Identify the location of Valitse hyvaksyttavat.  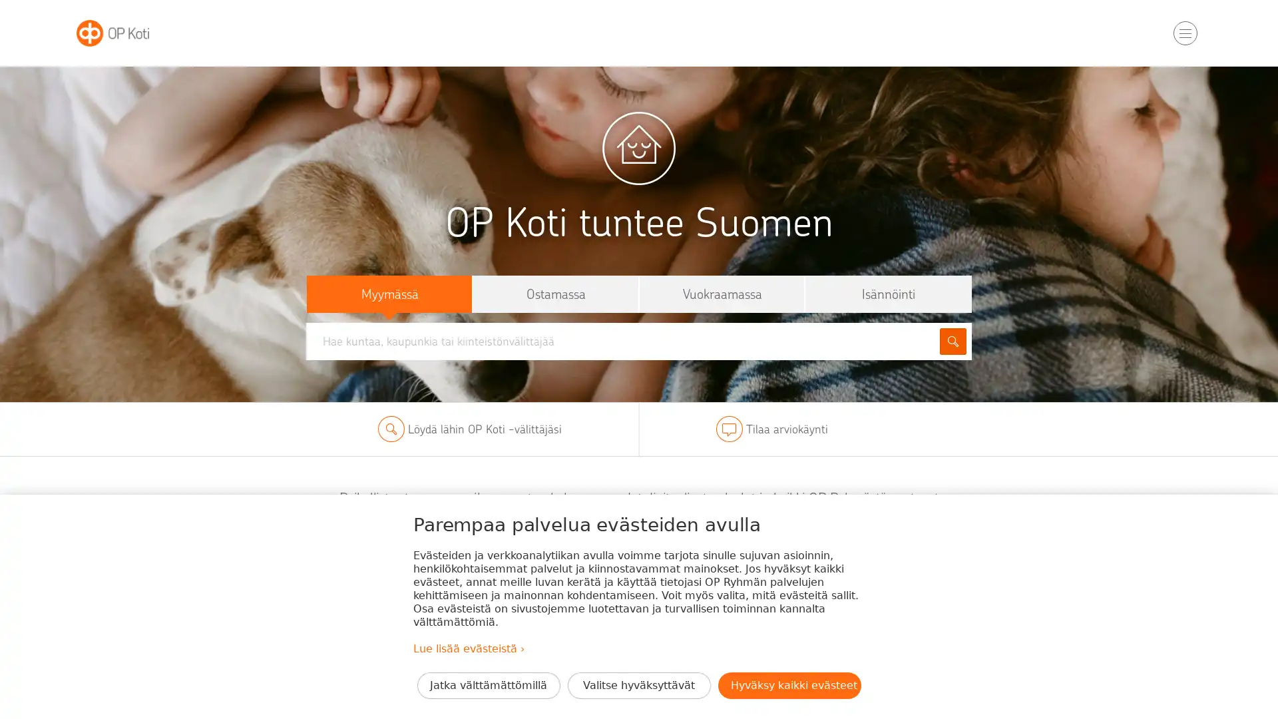
(638, 685).